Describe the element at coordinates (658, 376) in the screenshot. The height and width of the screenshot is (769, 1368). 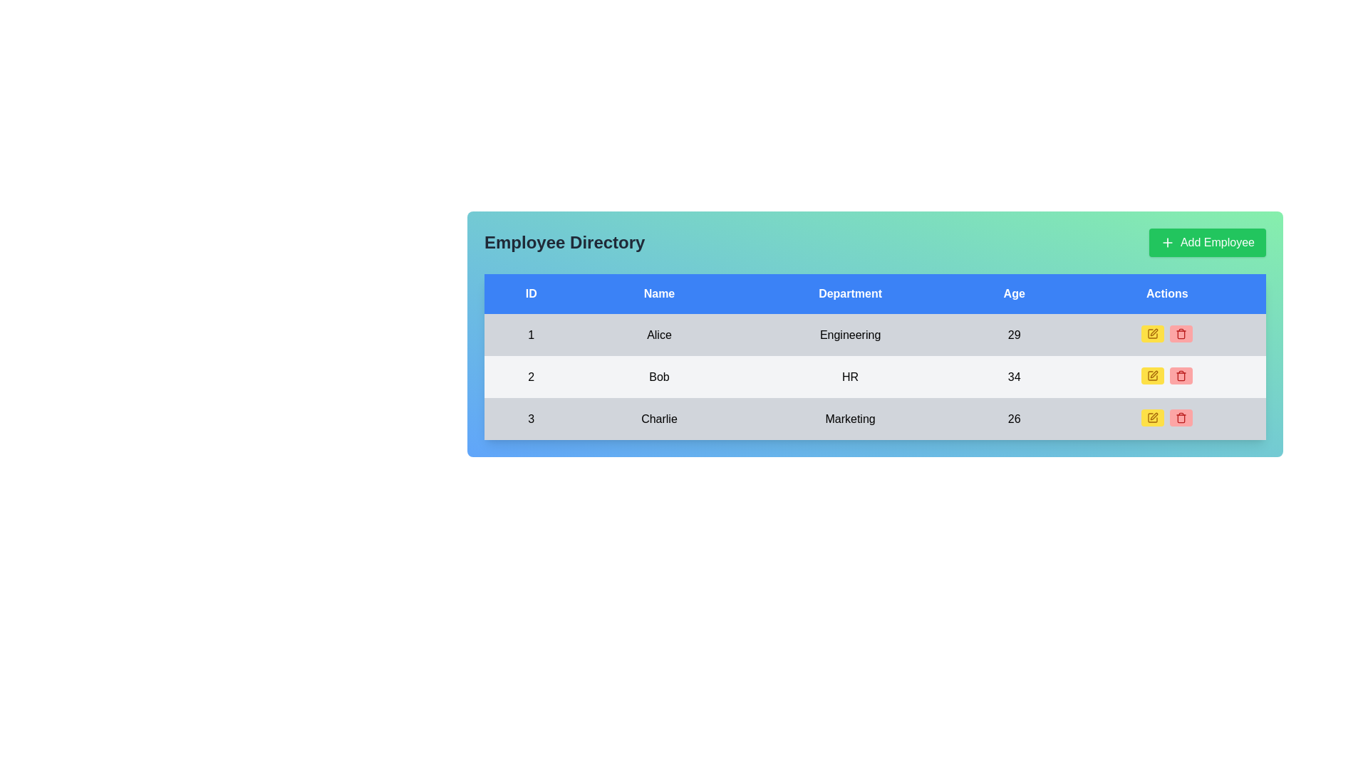
I see `the table cell representing the name of an employee located in the second row under the 'Name' column` at that location.